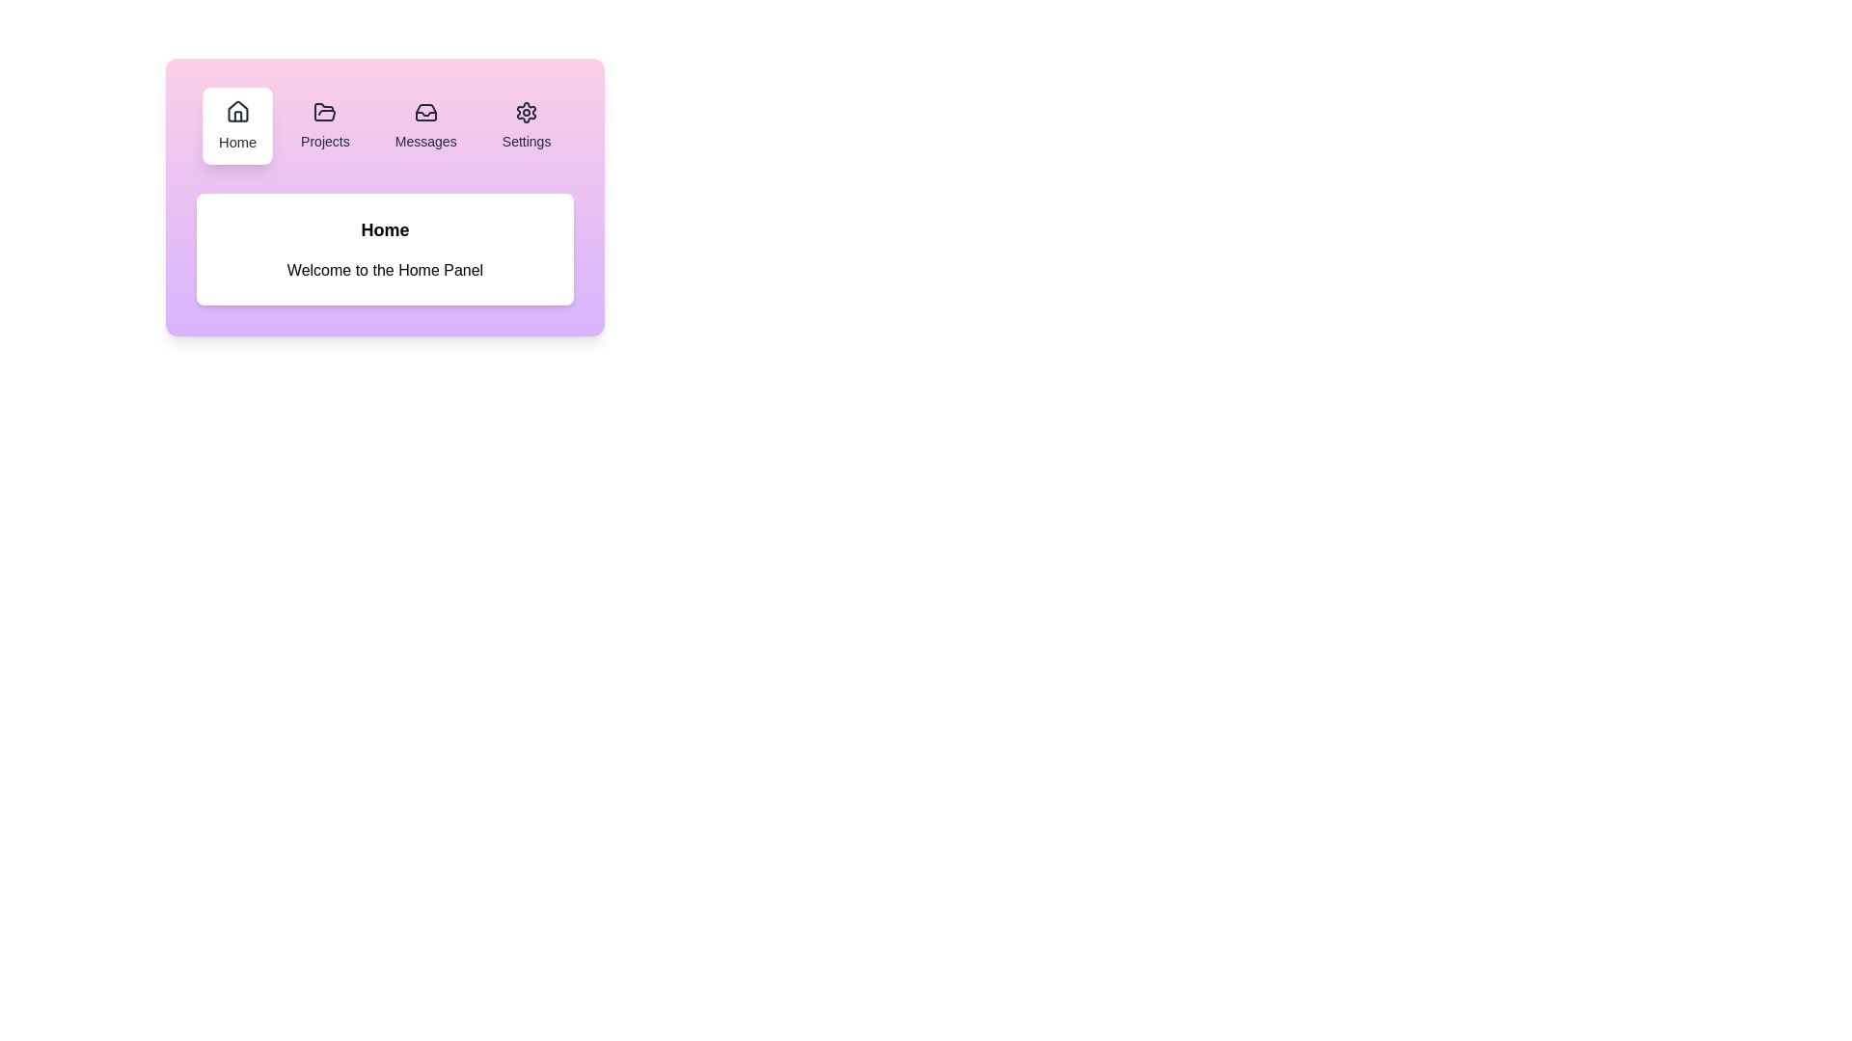 The image size is (1852, 1041). I want to click on the stylized house icon represented as a vector graphic, which features a triangular roof above a rectangular base and a central doorway, located in the leftmost icon of the horizontal menu bar, so click(236, 111).